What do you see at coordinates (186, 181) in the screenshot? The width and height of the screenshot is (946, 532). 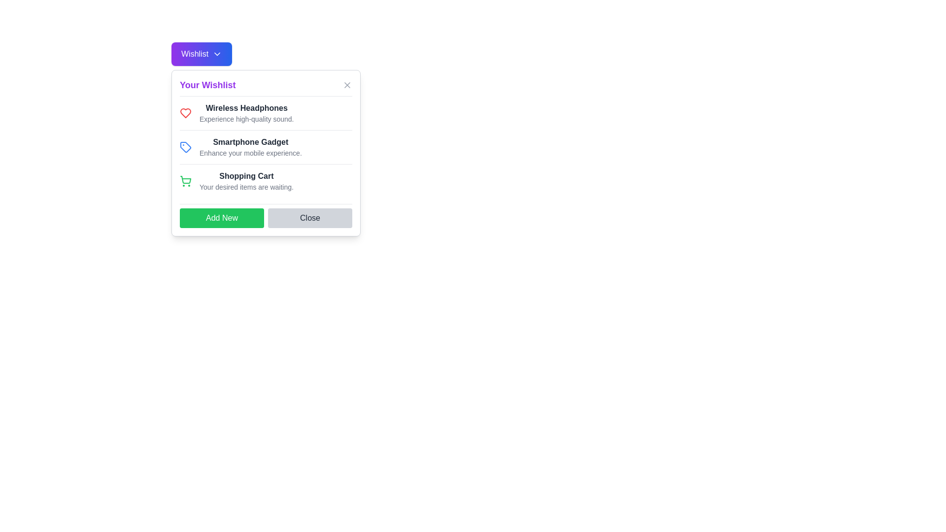 I see `the shopping cart icon with a green outline located to the left of the text 'Shopping Cart' in the 'Your Wishlist' section, which is the third icon-text pairing` at bounding box center [186, 181].